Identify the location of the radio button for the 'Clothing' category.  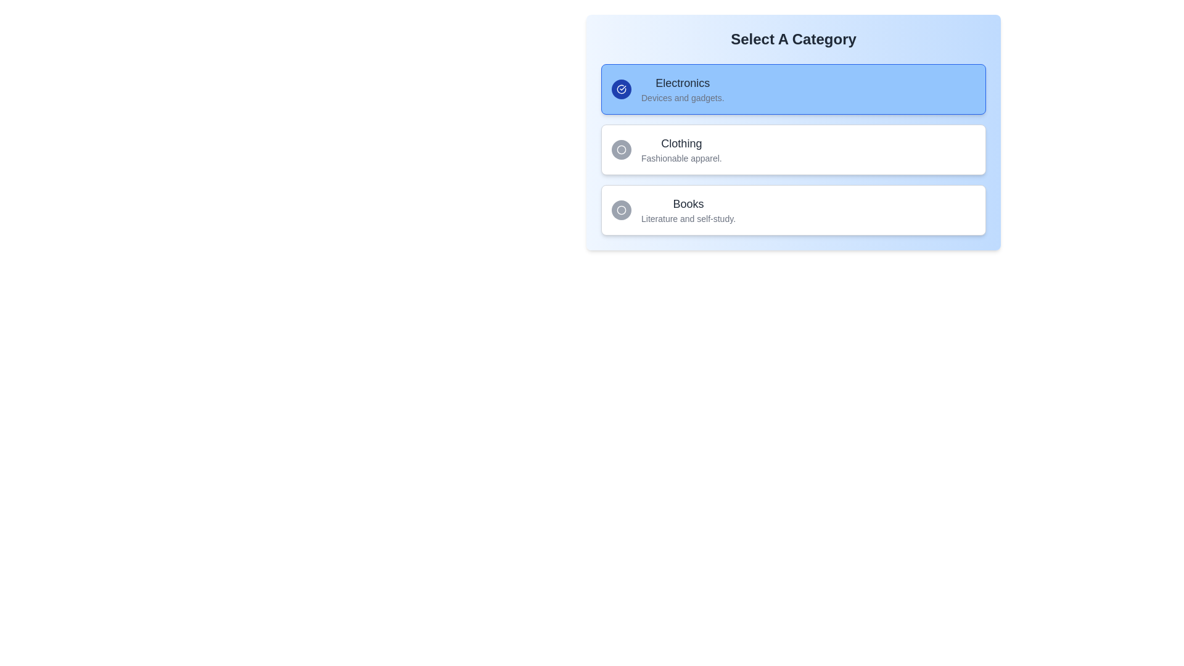
(622, 149).